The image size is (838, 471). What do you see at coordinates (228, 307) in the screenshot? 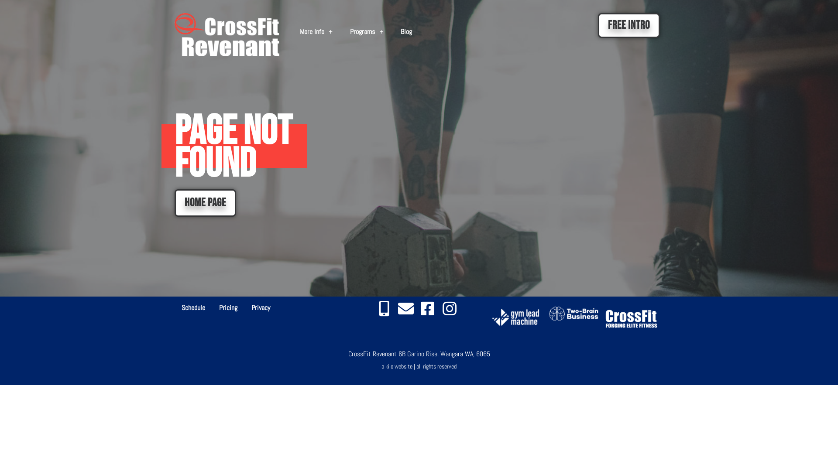
I see `'Pricing'` at bounding box center [228, 307].